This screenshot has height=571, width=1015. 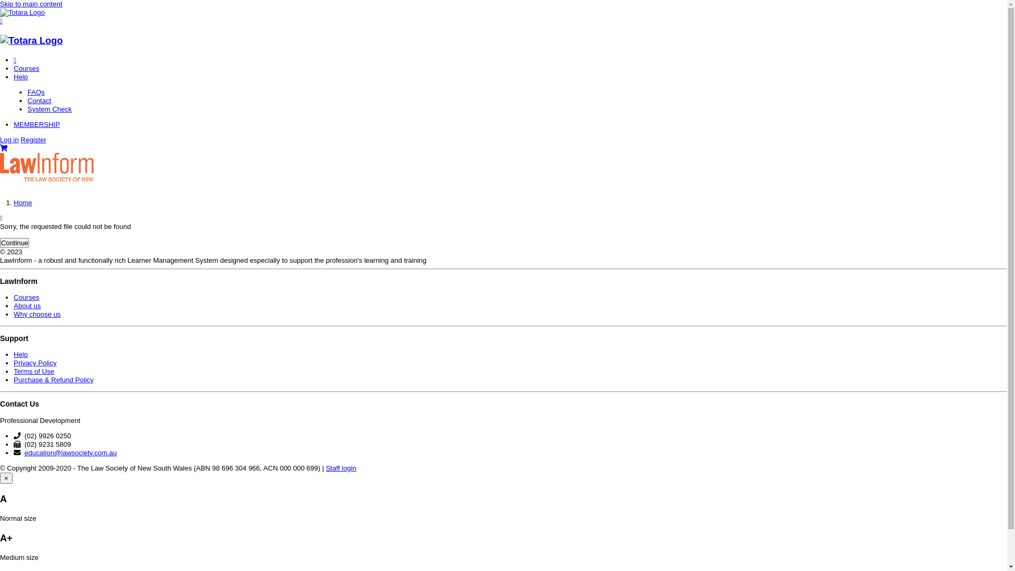 I want to click on 'Skip to main content', so click(x=0, y=4).